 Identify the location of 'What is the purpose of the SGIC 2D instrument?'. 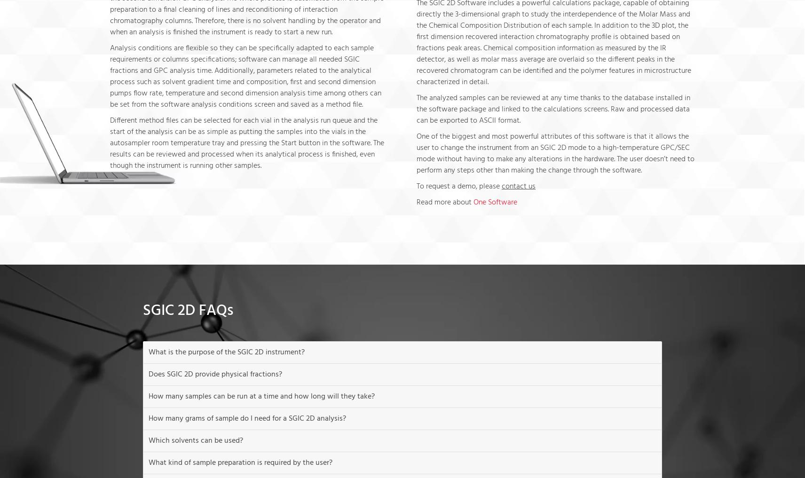
(226, 352).